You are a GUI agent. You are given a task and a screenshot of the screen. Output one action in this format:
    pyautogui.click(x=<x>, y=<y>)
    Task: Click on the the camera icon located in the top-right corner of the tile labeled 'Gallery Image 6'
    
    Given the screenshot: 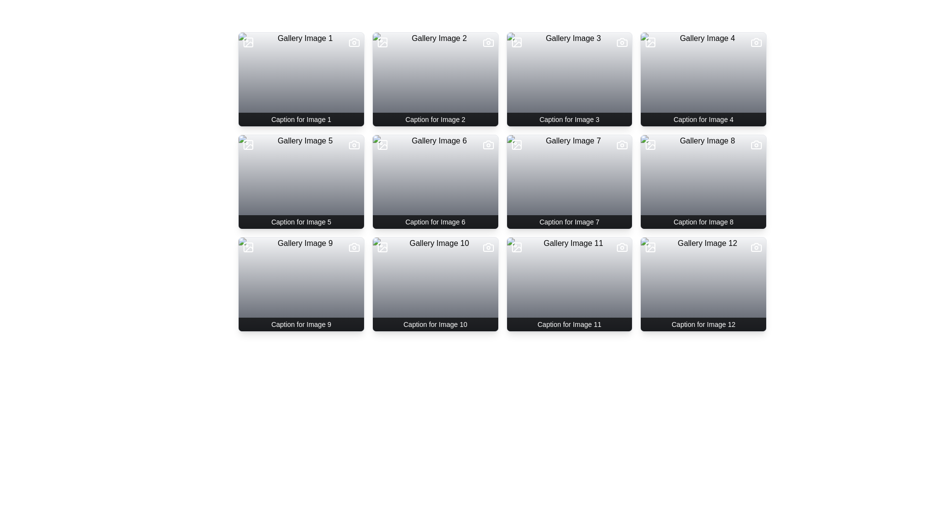 What is the action you would take?
    pyautogui.click(x=488, y=145)
    